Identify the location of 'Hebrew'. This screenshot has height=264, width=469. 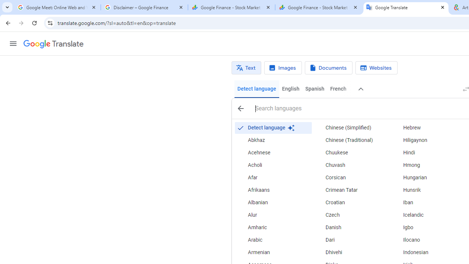
(428, 127).